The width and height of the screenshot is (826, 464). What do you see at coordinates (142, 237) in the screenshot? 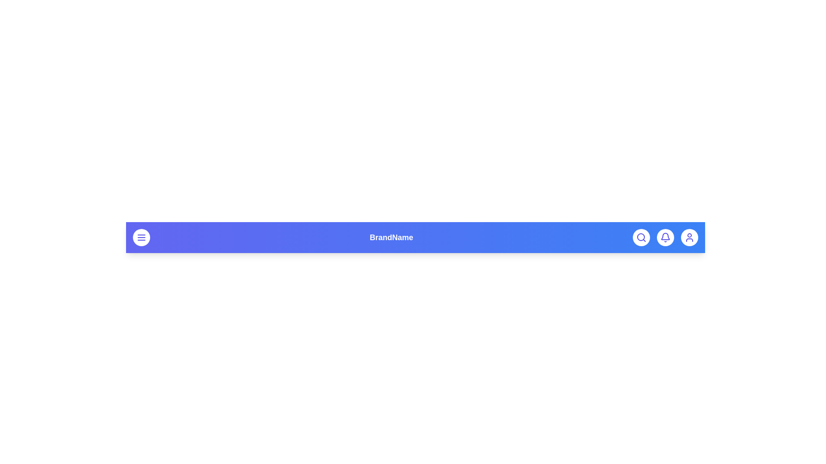
I see `the menu button to open the menu` at bounding box center [142, 237].